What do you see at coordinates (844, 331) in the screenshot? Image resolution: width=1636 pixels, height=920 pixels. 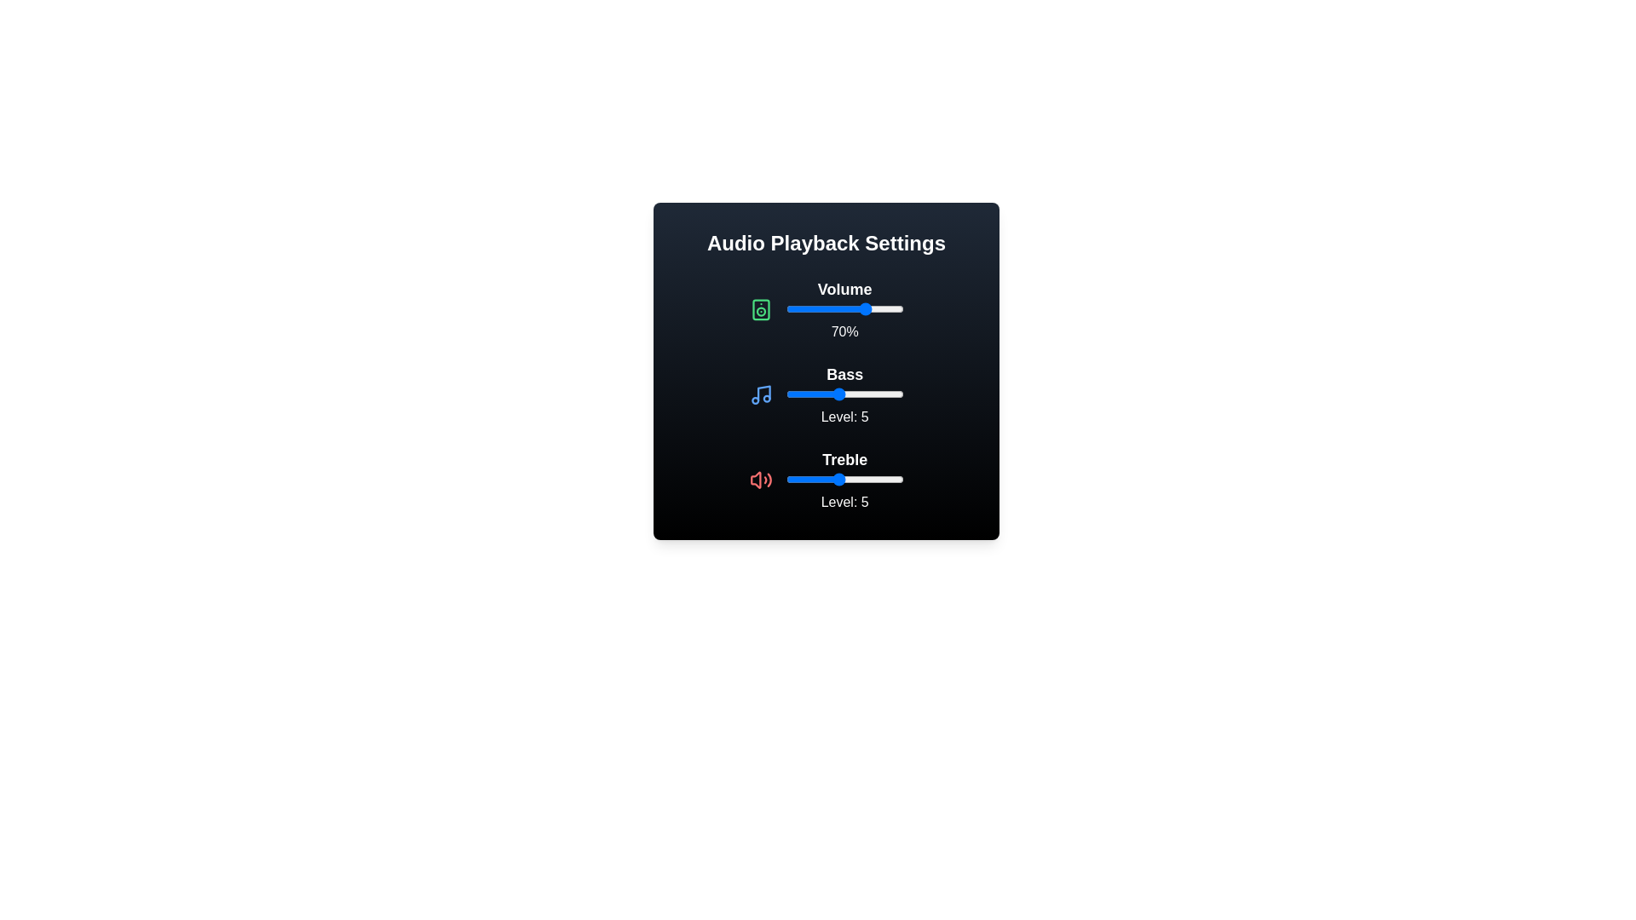 I see `the static text label displaying '70%' which is positioned below the 'Volume' slider and above the 'Bass' section` at bounding box center [844, 331].